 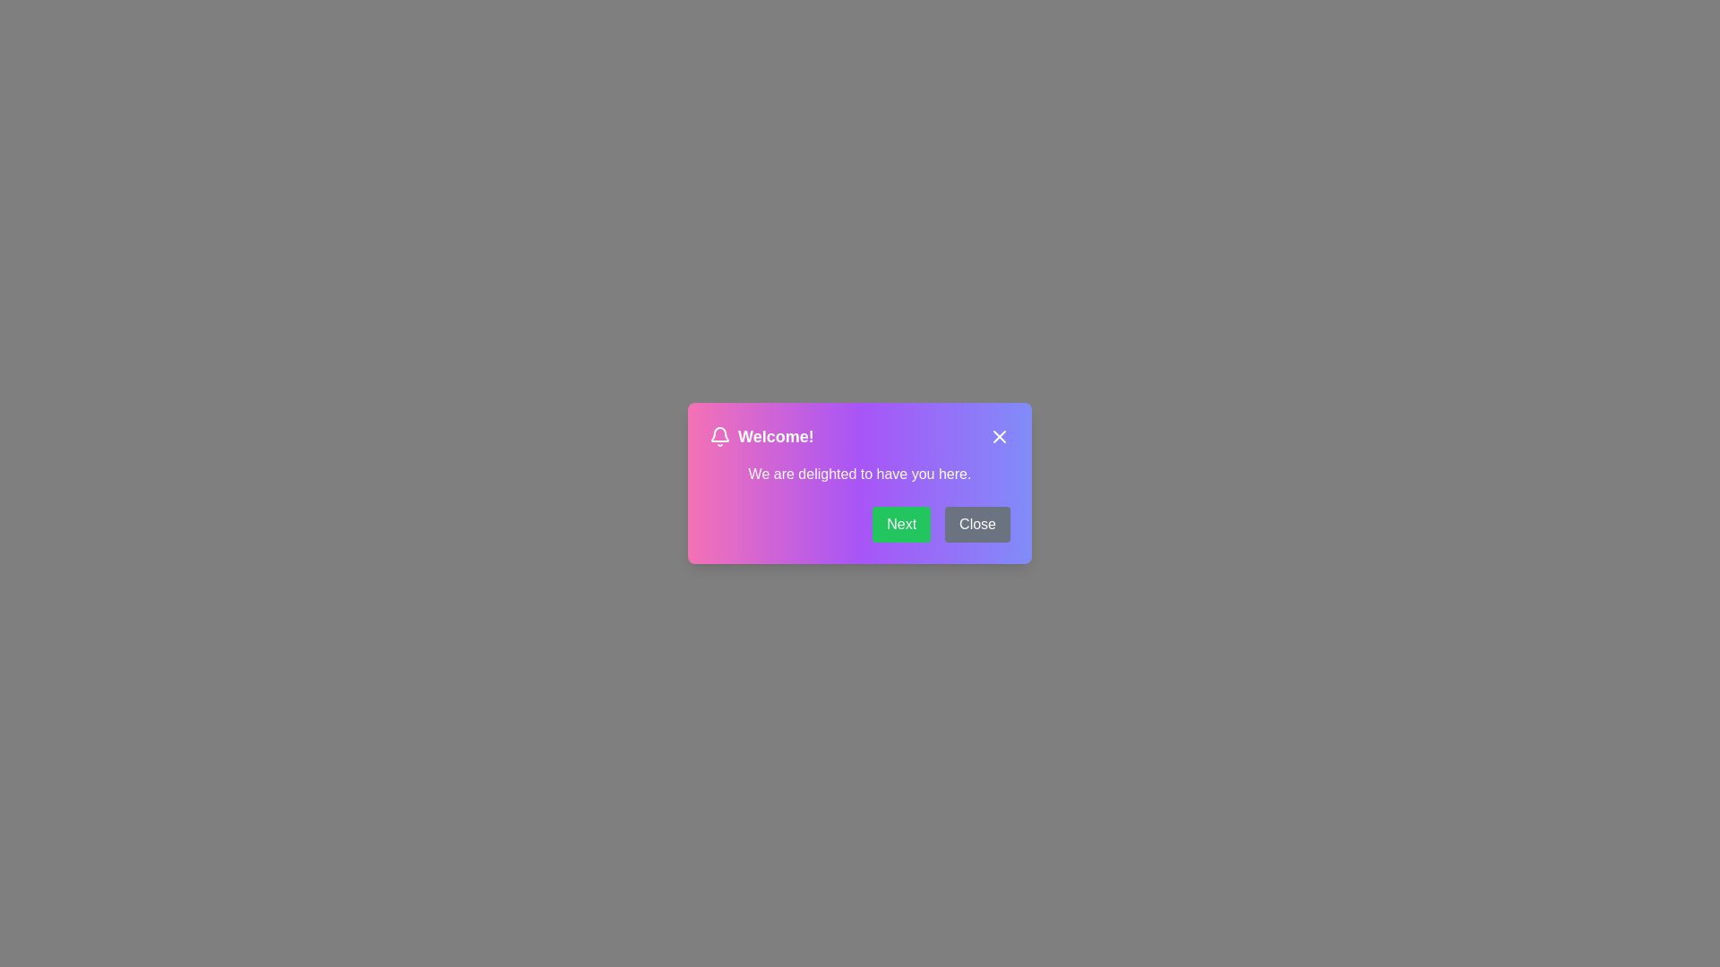 What do you see at coordinates (901, 524) in the screenshot?
I see `the Next button to interact with the notification dialog` at bounding box center [901, 524].